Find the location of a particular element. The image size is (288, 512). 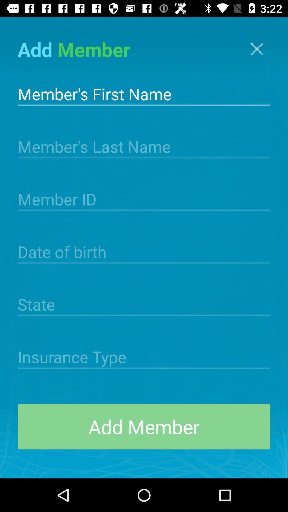

first name is located at coordinates (144, 93).